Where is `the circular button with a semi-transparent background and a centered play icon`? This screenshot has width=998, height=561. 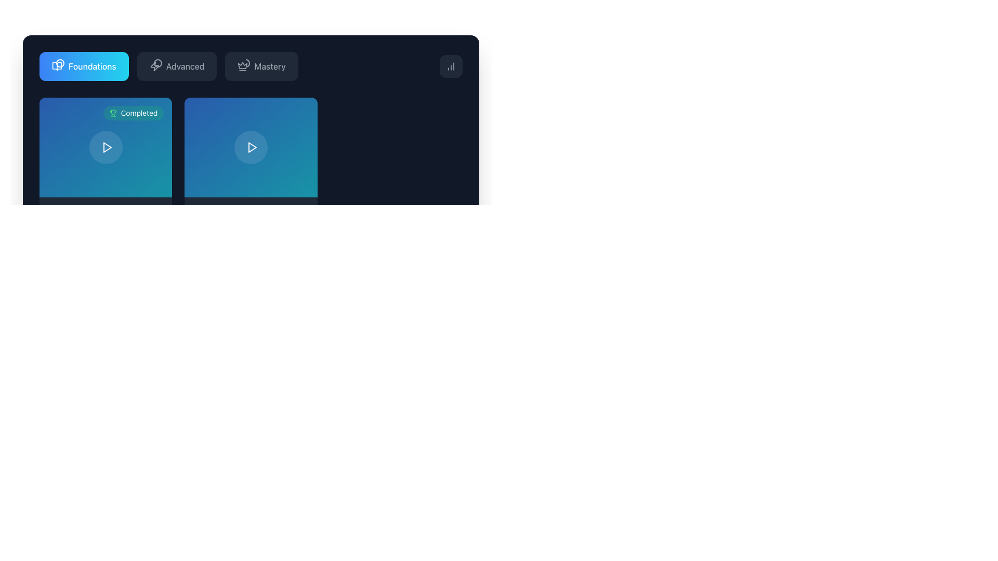 the circular button with a semi-transparent background and a centered play icon is located at coordinates (106, 148).